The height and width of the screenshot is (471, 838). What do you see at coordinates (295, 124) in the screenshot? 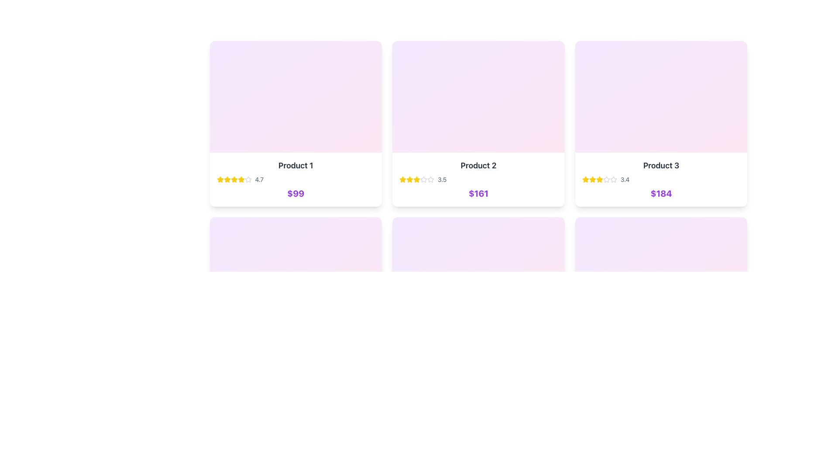
I see `the product card located at the top-left corner of the grid layout` at bounding box center [295, 124].